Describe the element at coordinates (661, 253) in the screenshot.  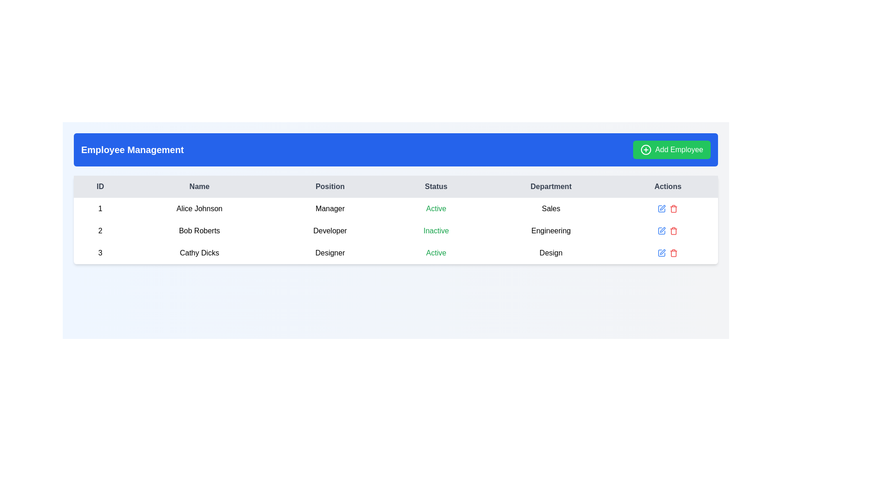
I see `the square icon button with a diagonal pen graphic located in the 'Actions' column of the third row for 'Cathy Dicks'` at that location.